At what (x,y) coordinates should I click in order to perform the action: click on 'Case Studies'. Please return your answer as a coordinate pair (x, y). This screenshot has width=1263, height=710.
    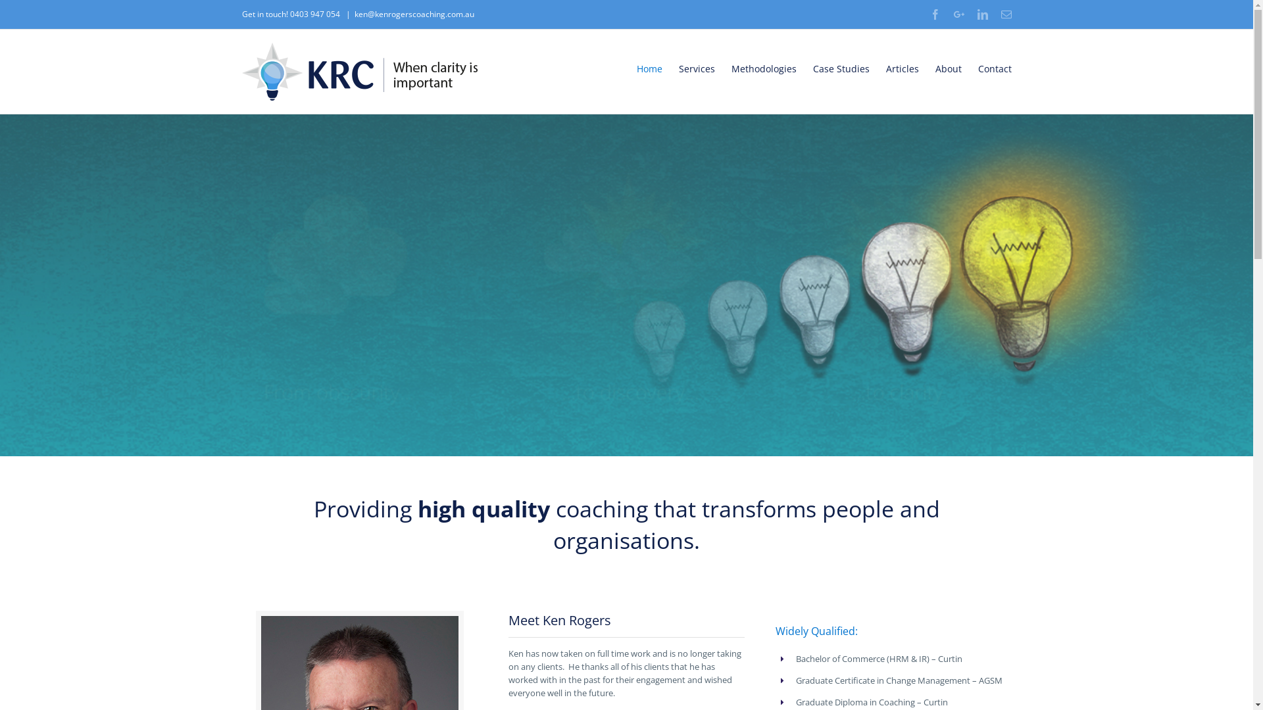
    Looking at the image, I should click on (840, 68).